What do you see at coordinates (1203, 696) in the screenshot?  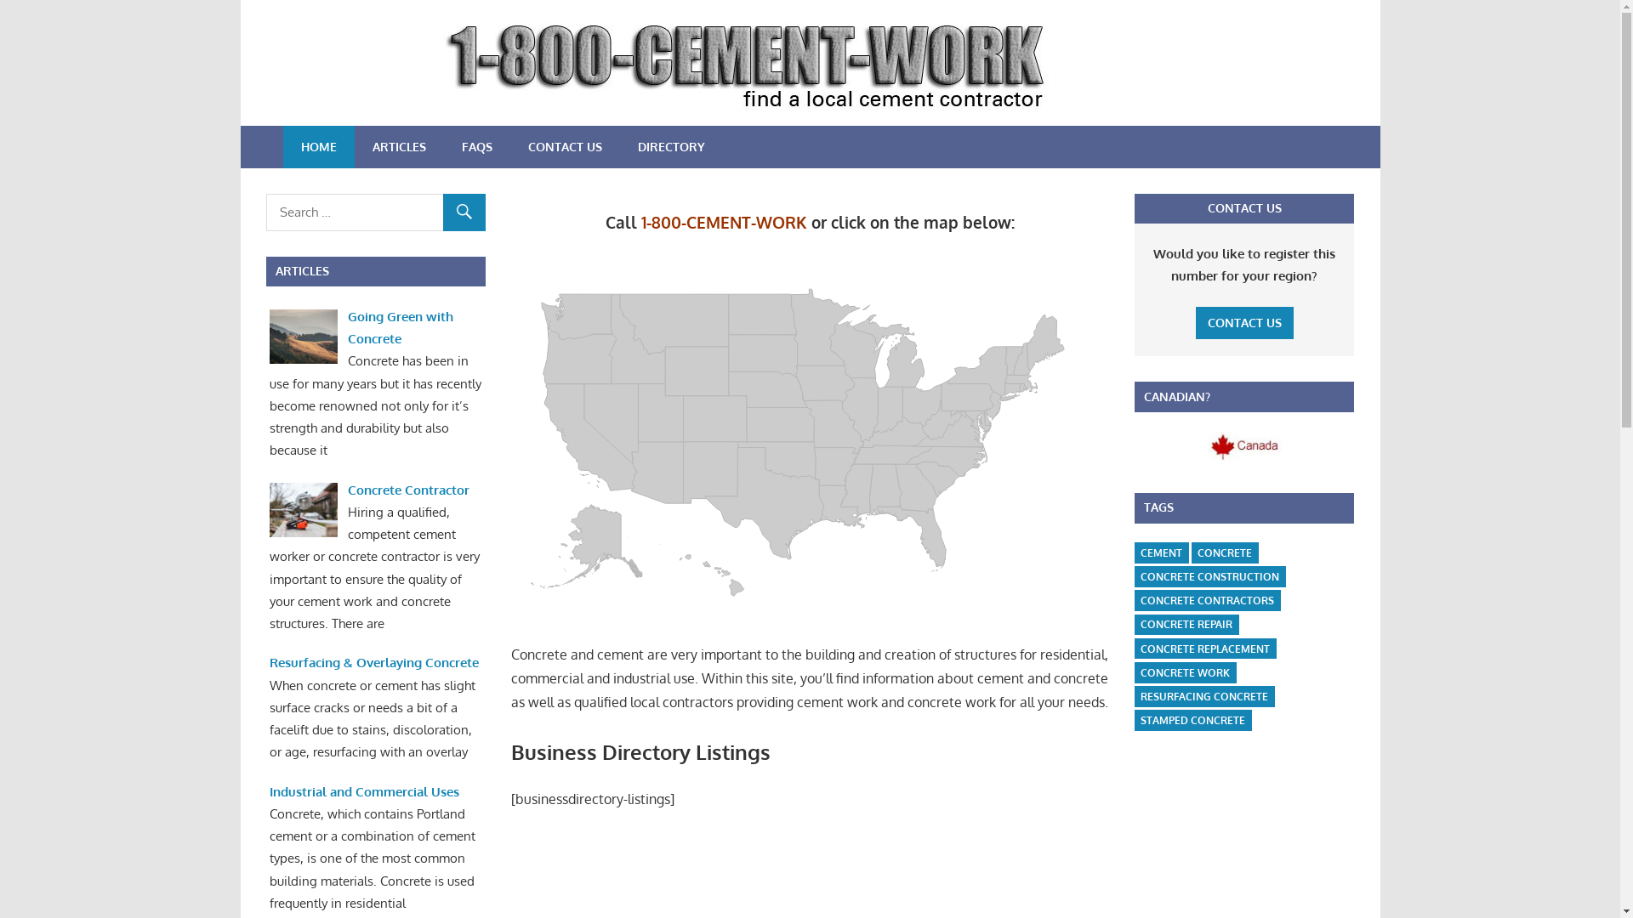 I see `'RESURFACING CONCRETE'` at bounding box center [1203, 696].